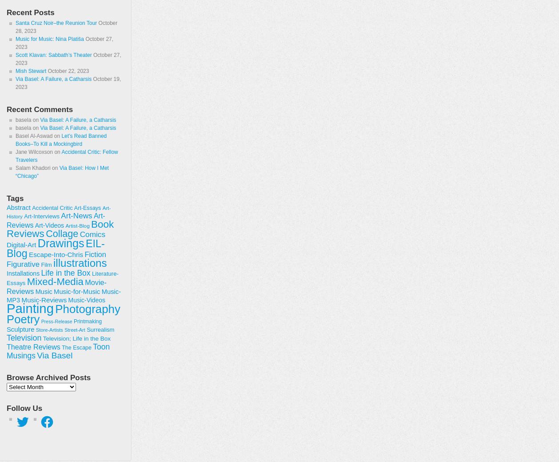  What do you see at coordinates (68, 83) in the screenshot?
I see `'October 19, 2023'` at bounding box center [68, 83].